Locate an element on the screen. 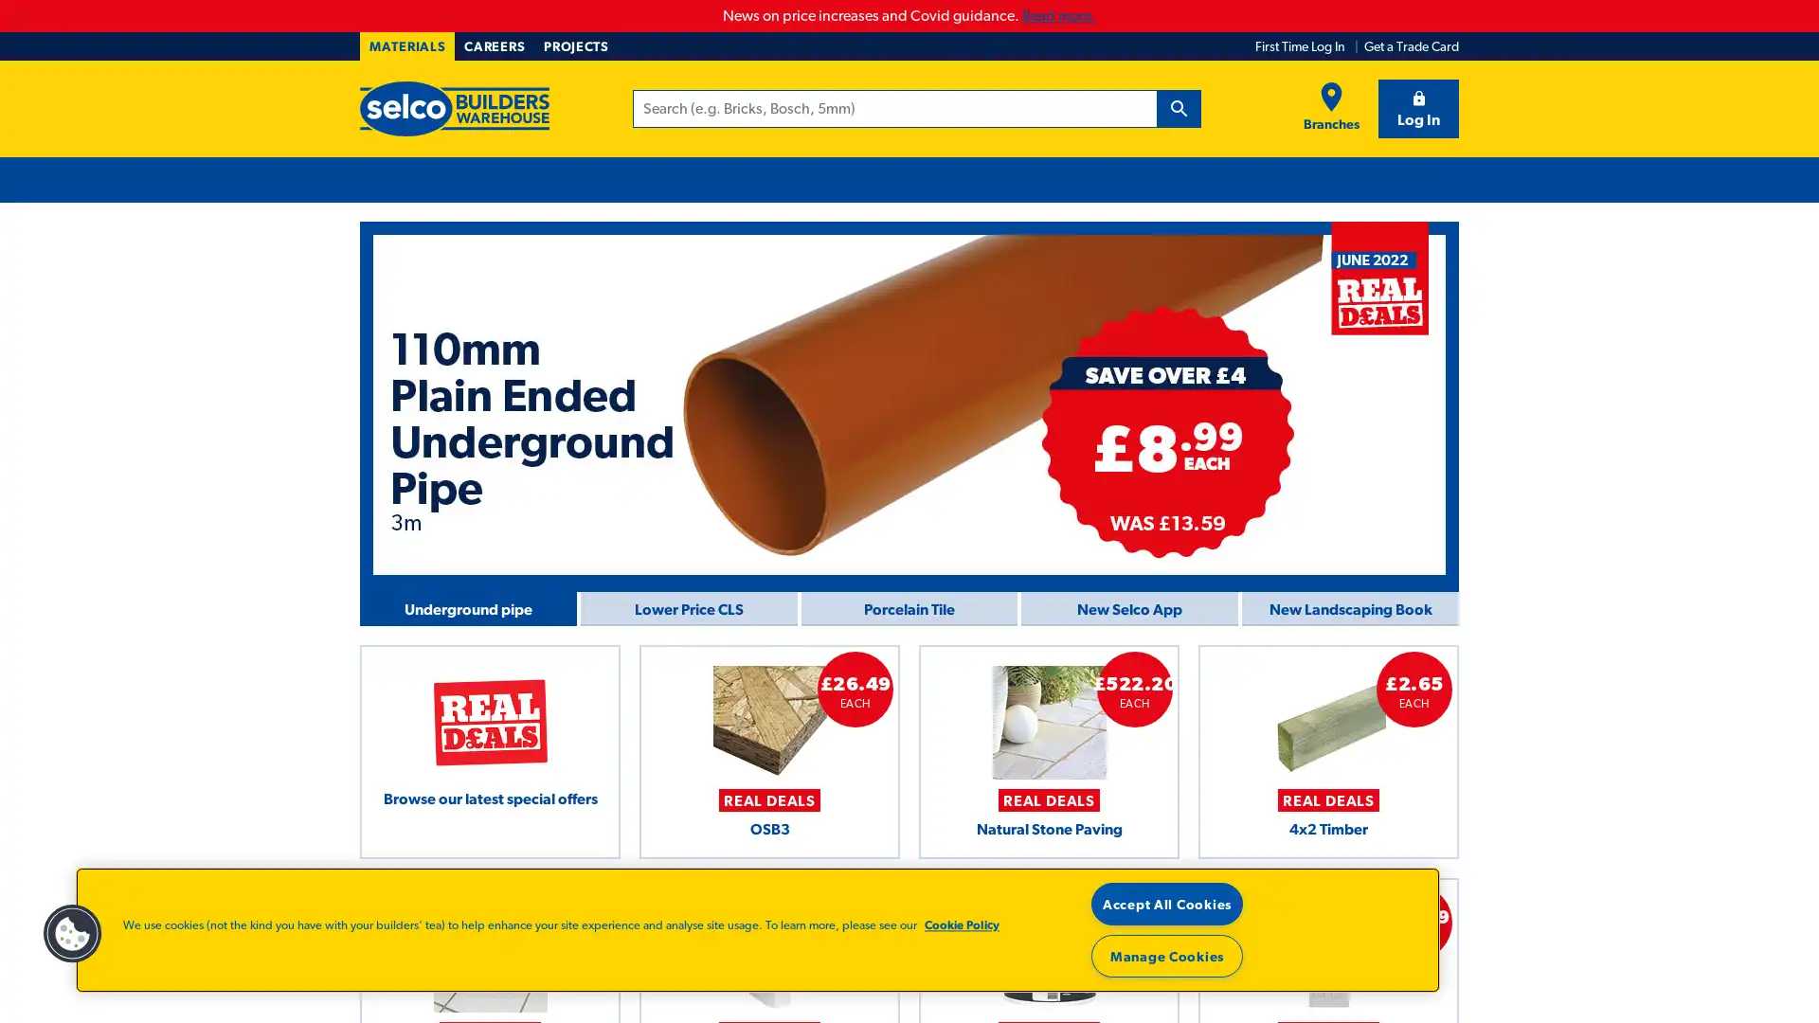 The width and height of the screenshot is (1819, 1023). Homepage > Carousel > June Landscaping Book is located at coordinates (1349, 609).